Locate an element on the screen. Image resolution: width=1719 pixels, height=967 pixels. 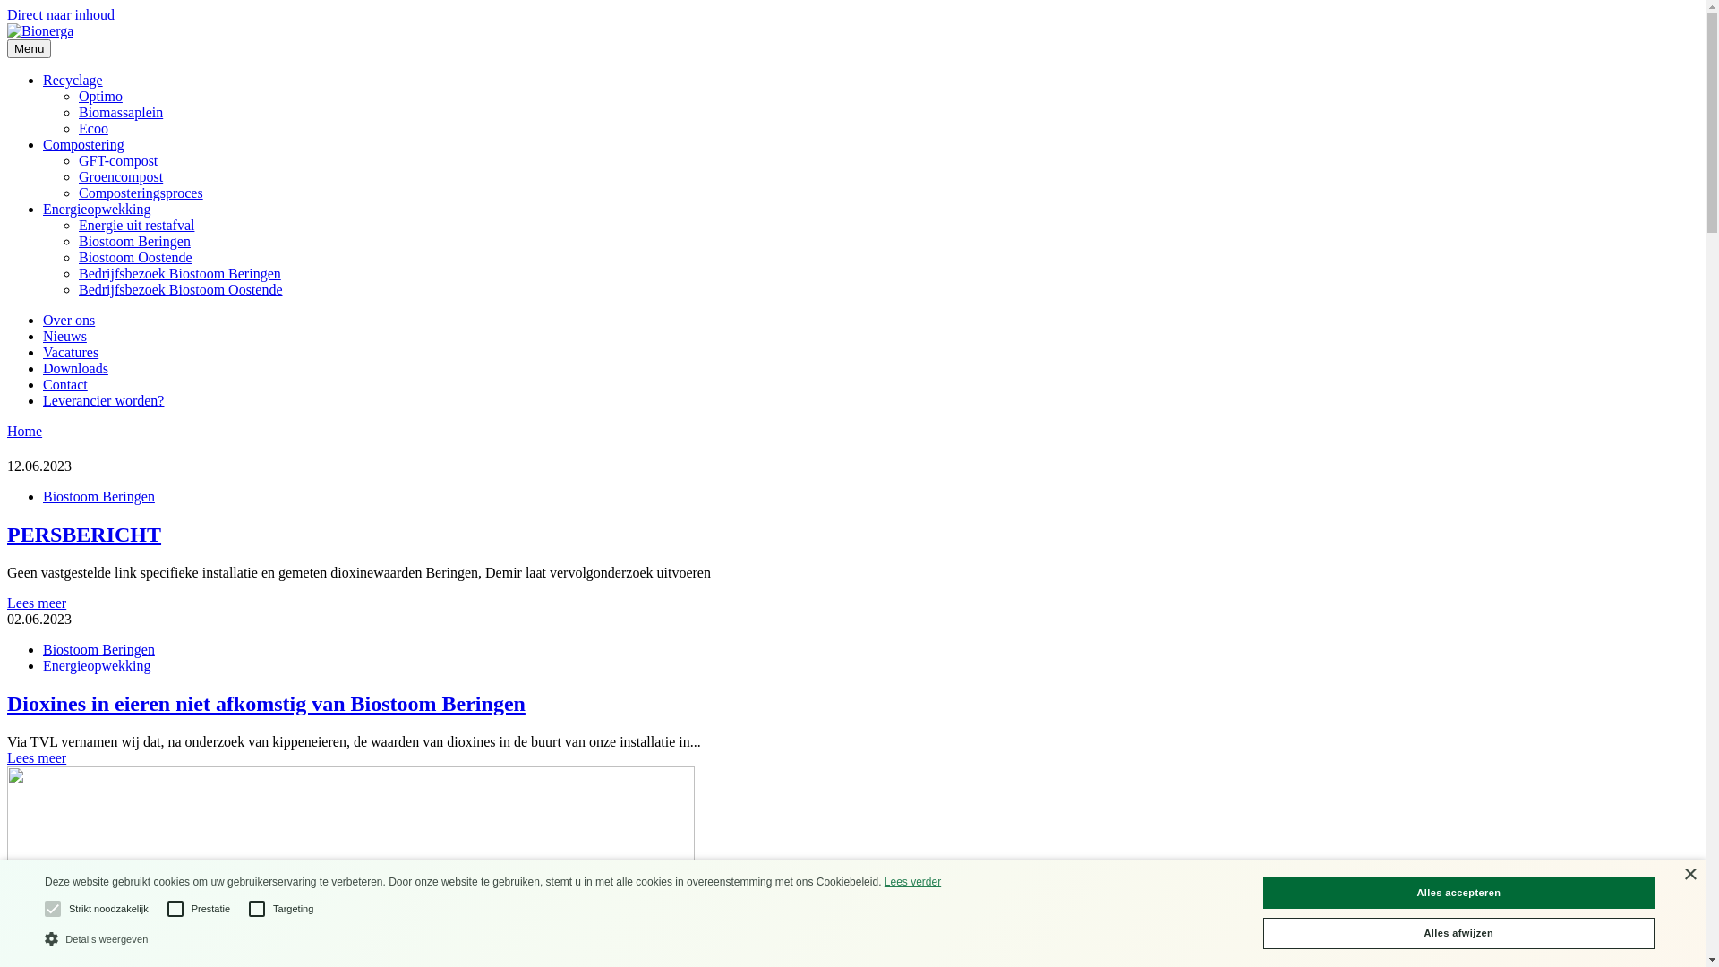
'Optimo' is located at coordinates (77, 96).